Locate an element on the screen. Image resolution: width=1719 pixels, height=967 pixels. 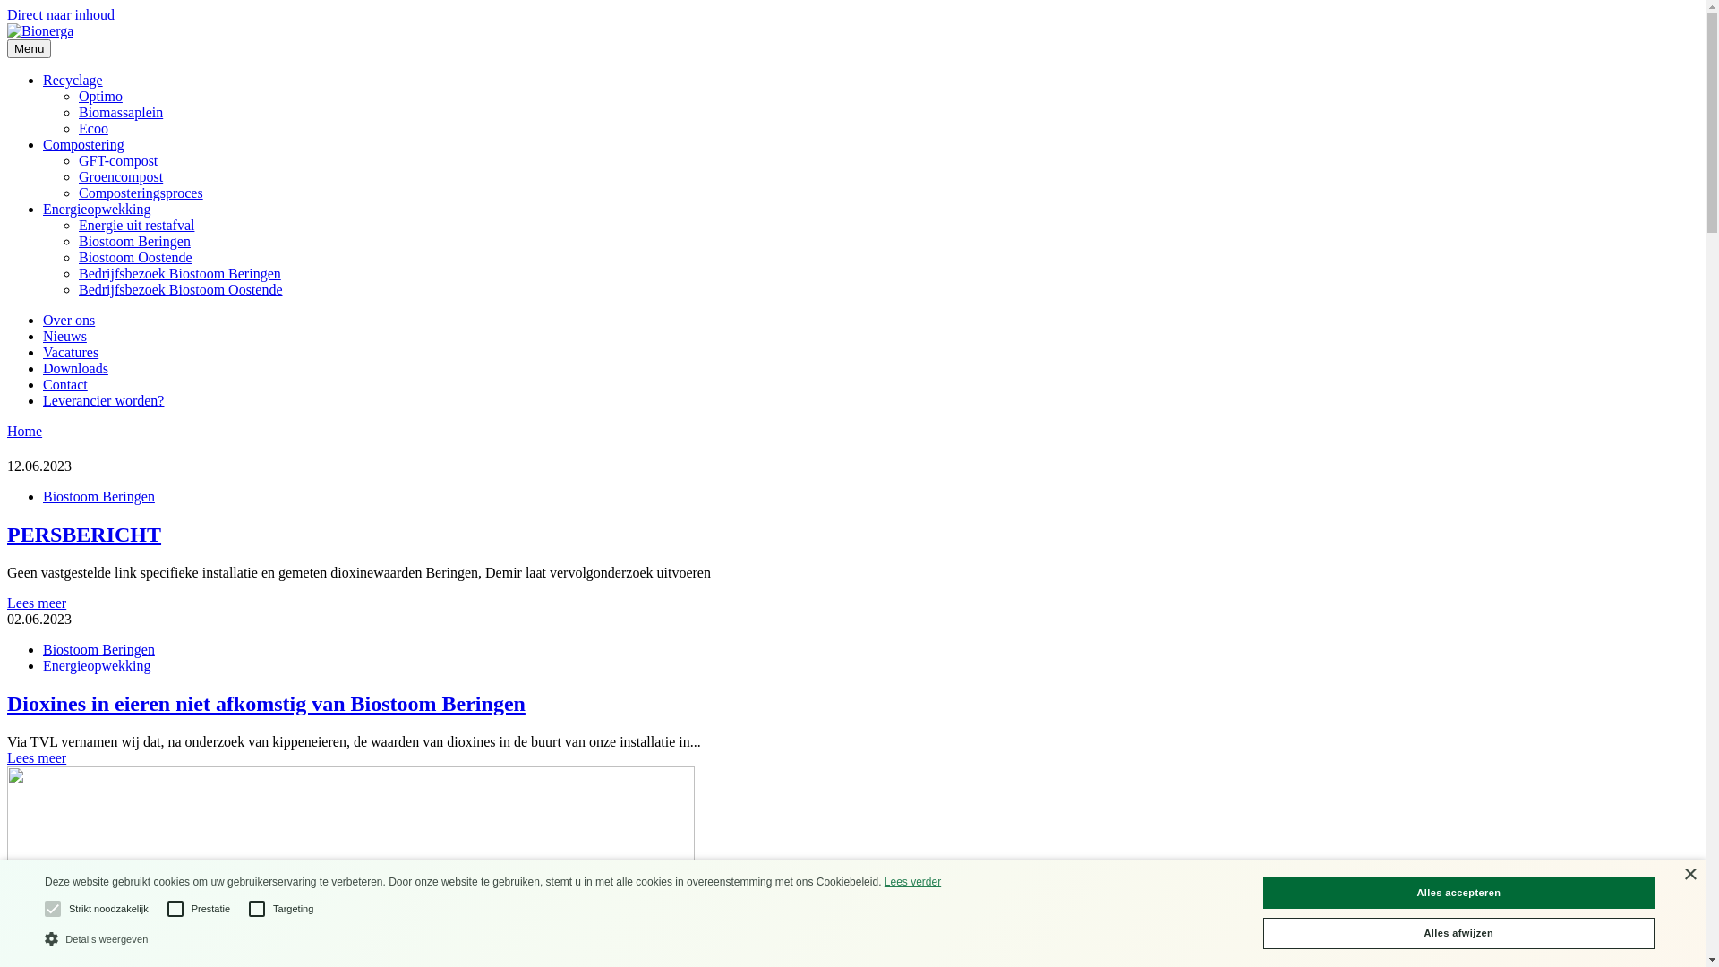
'Optimo' is located at coordinates (77, 96).